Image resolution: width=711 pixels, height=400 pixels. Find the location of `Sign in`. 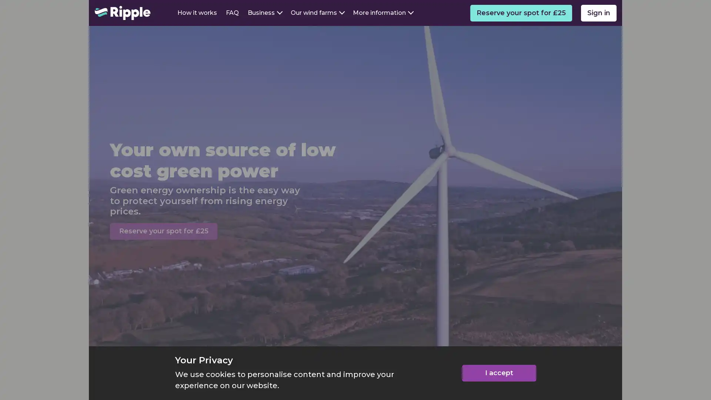

Sign in is located at coordinates (599, 13).